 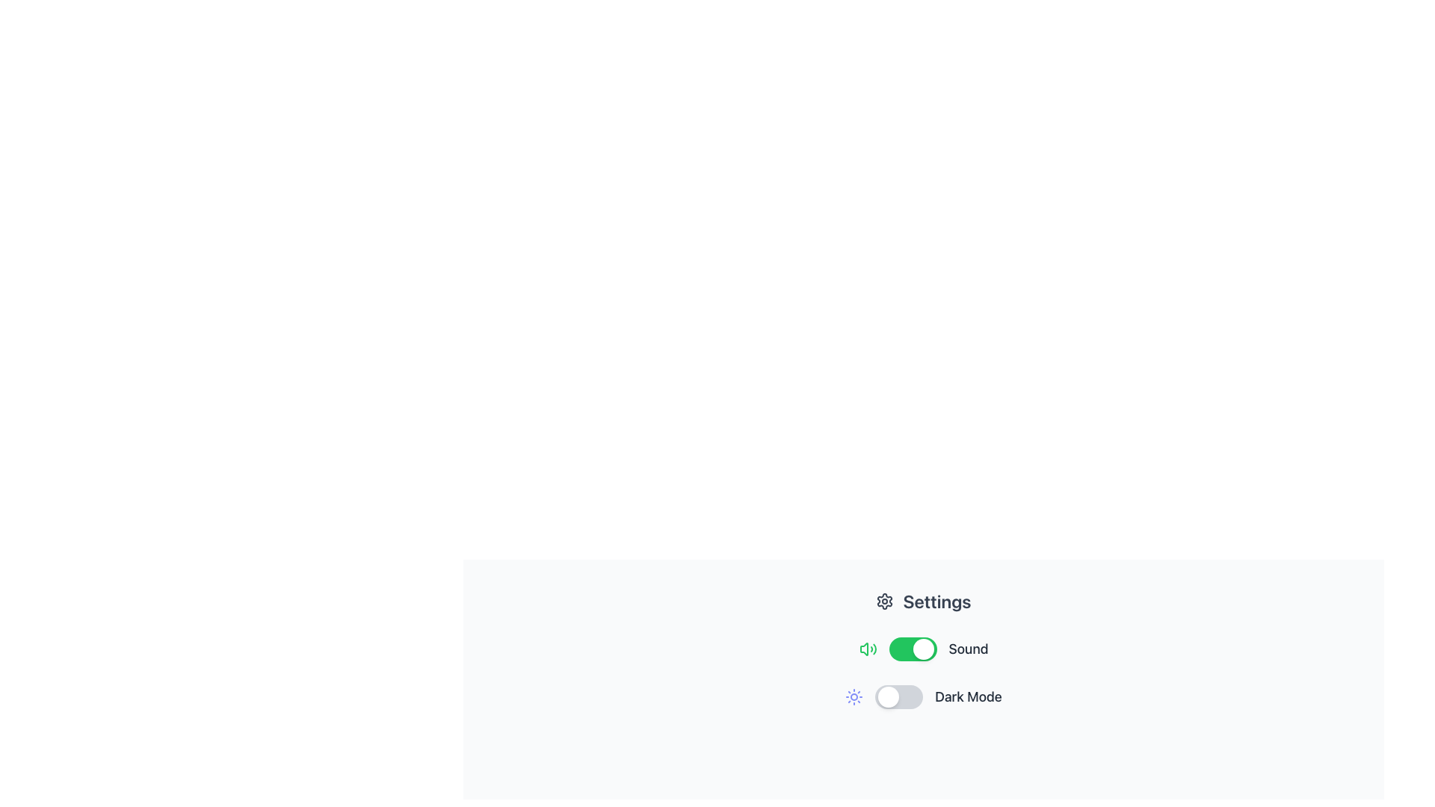 I want to click on the sun icon representing daylight or light mode, located on the left side of the 'Dark Mode' toggle switch, so click(x=854, y=697).